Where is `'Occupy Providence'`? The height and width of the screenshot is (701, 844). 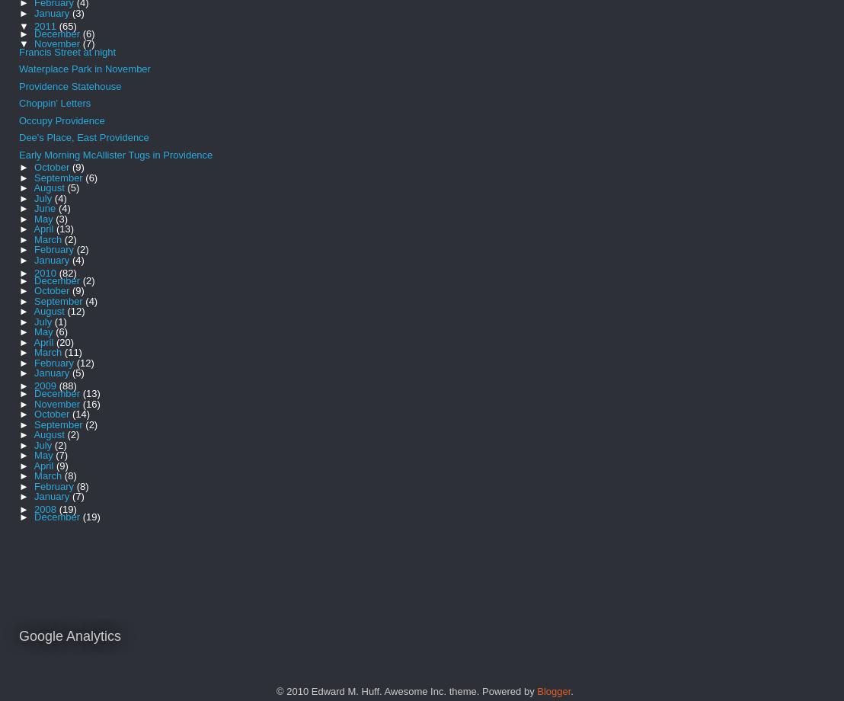 'Occupy Providence' is located at coordinates (19, 119).